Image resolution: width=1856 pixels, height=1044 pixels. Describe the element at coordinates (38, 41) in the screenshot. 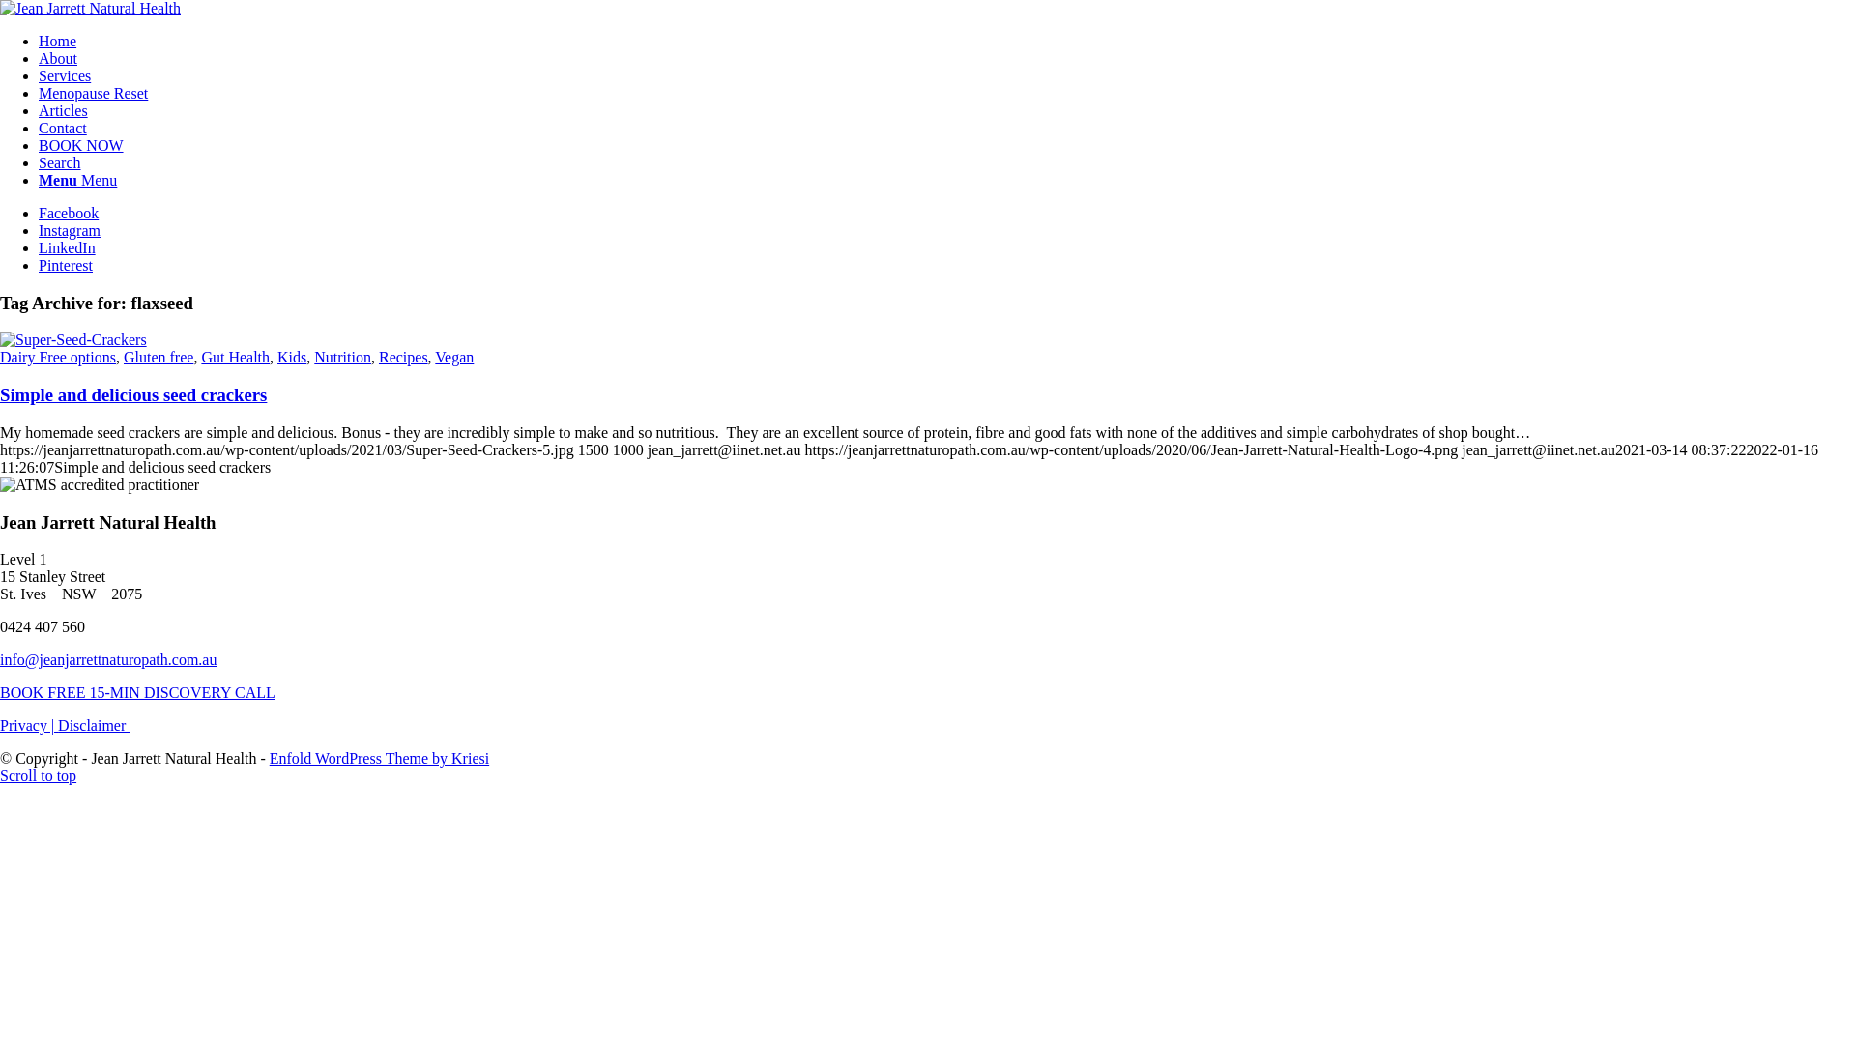

I see `'Home'` at that location.